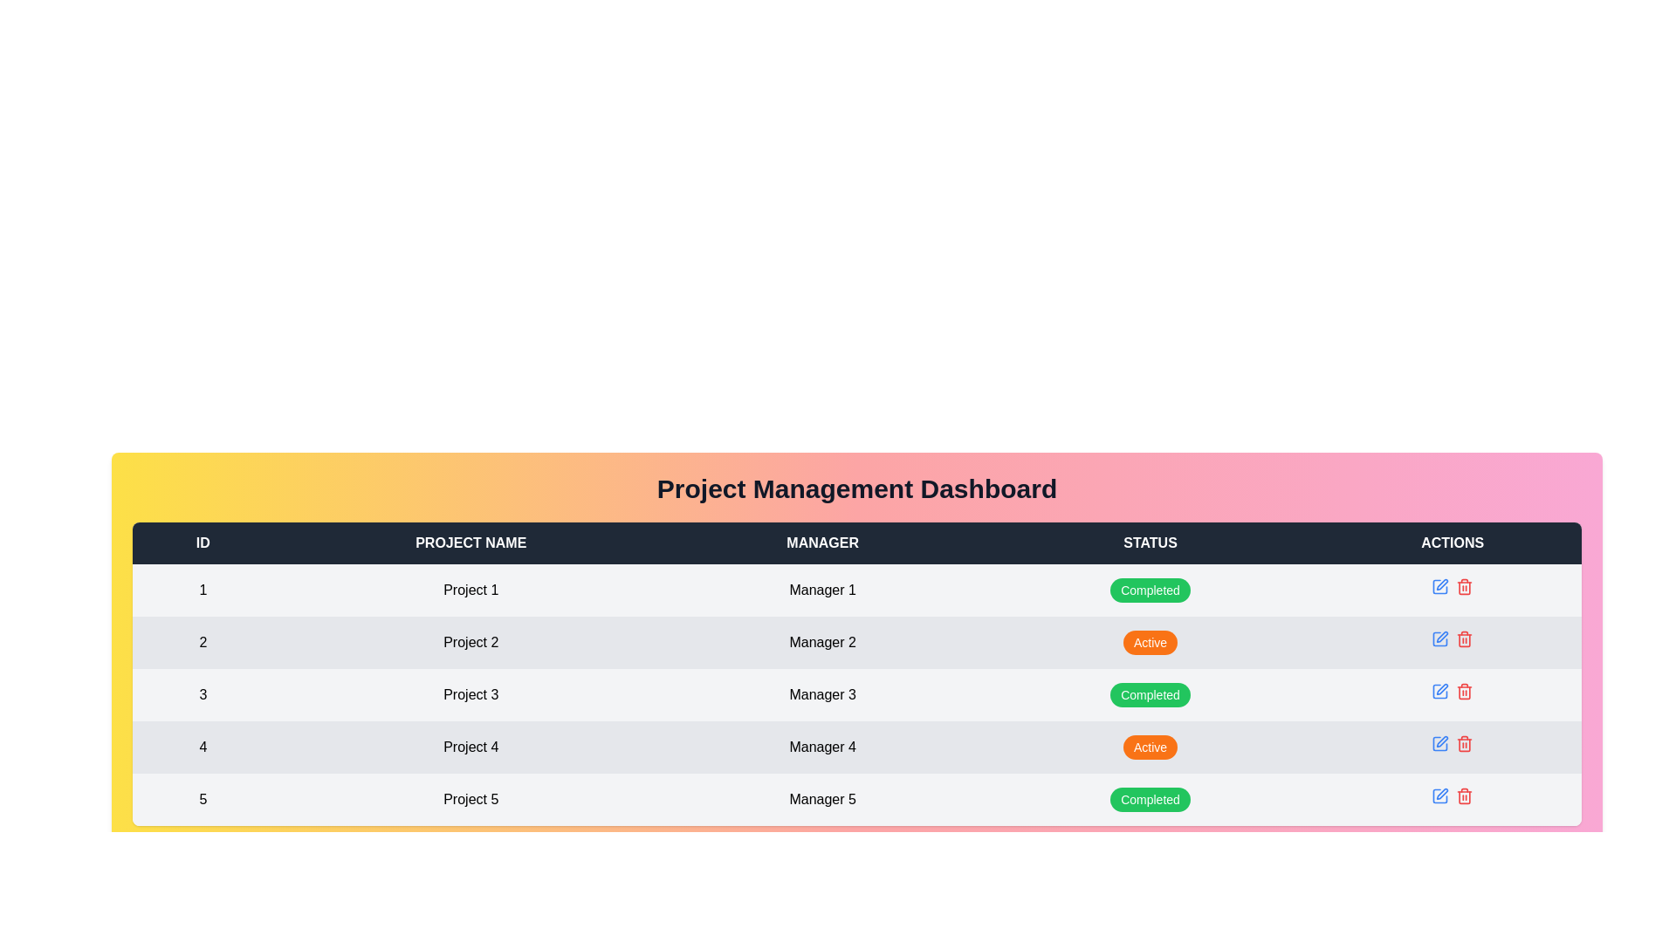  What do you see at coordinates (203, 694) in the screenshot?
I see `the static text field containing the number '3' in the 'ID' column of the table, located in the third row and aligned with other project data` at bounding box center [203, 694].